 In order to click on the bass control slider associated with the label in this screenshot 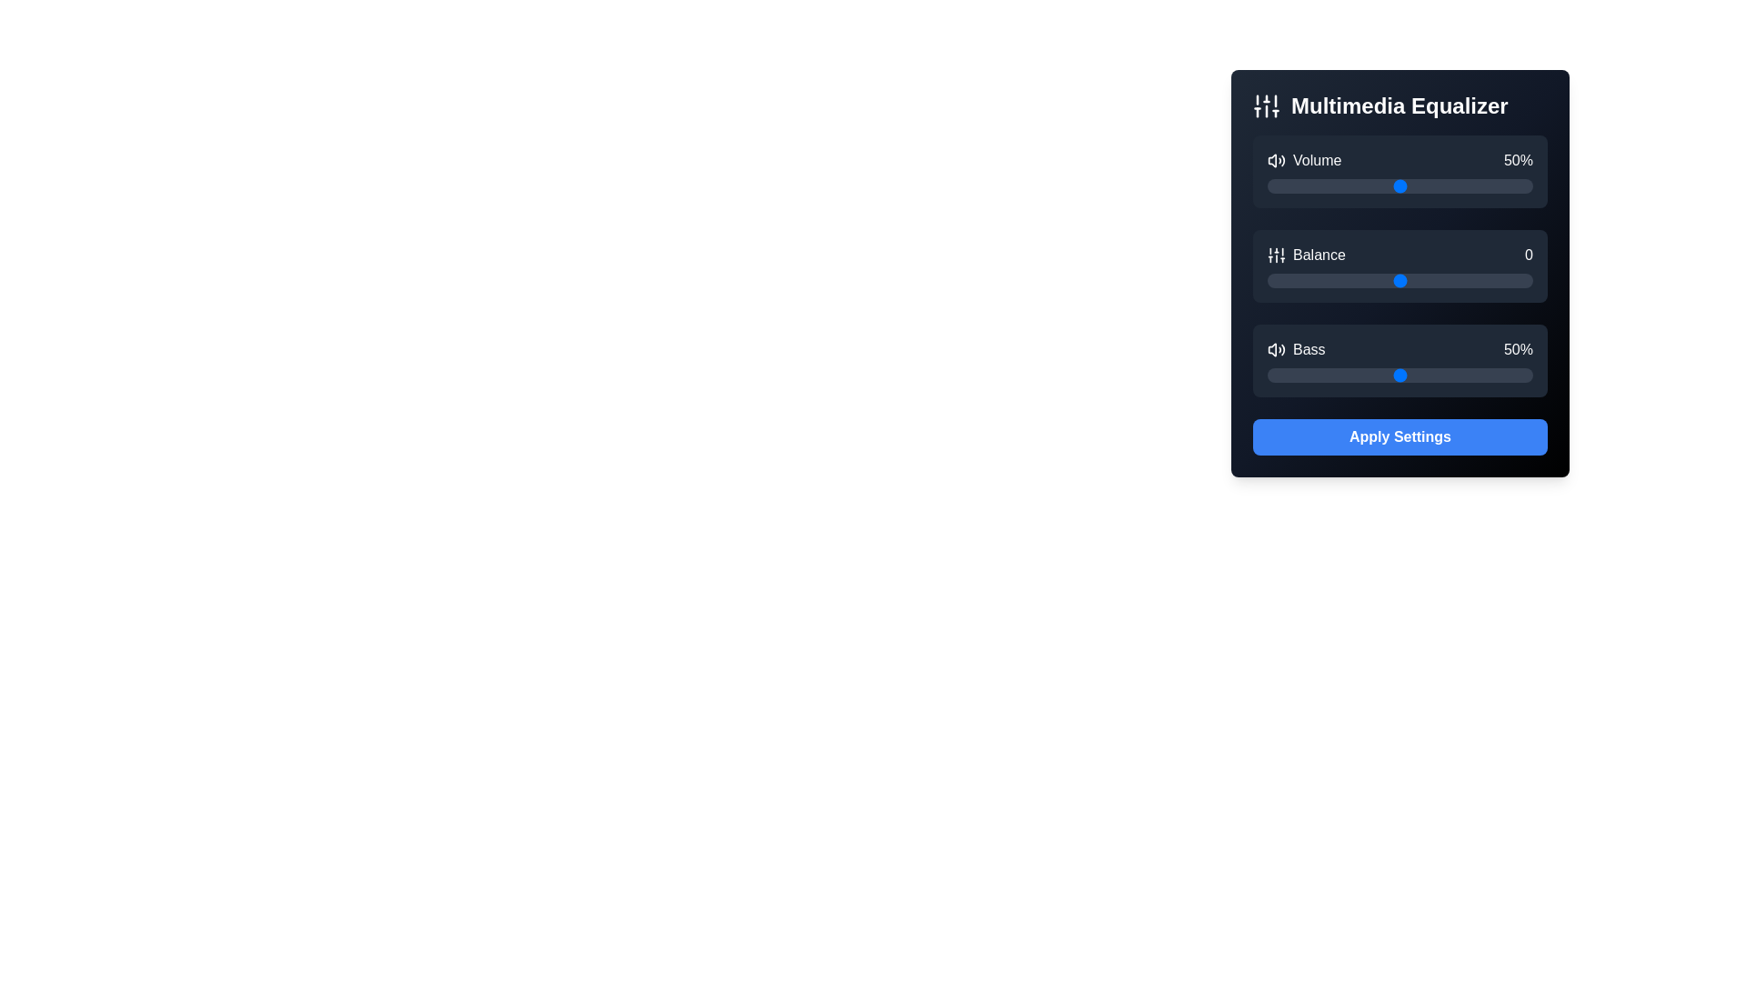, I will do `click(1295, 350)`.